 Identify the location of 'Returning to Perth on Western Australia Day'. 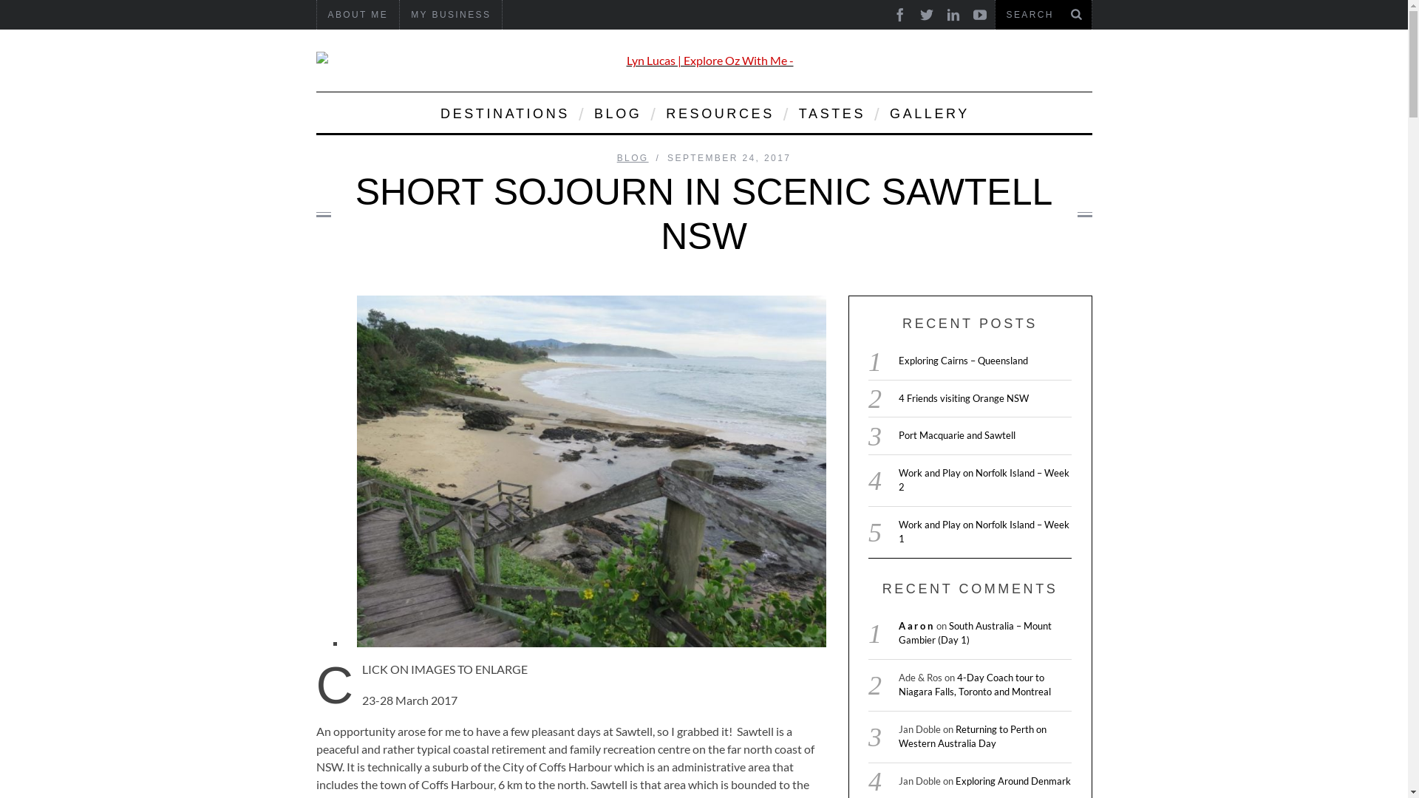
(972, 736).